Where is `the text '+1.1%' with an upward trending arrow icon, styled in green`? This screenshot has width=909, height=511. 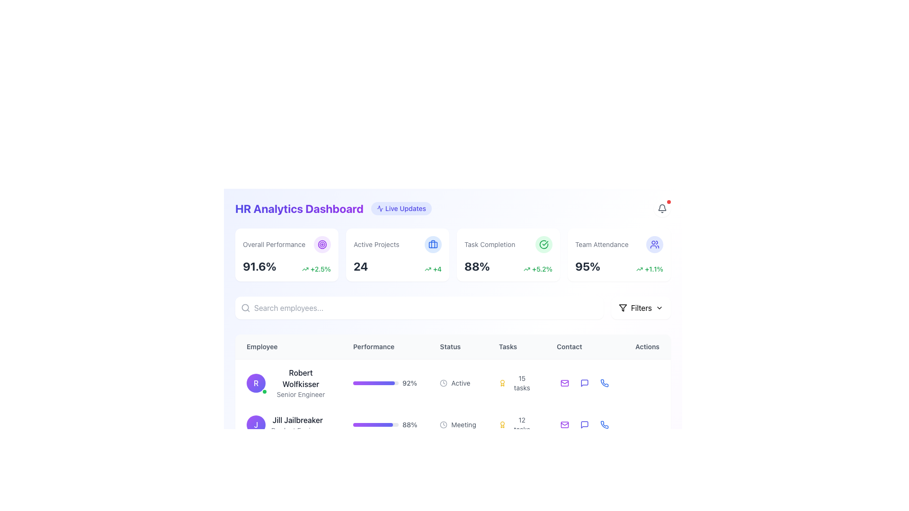 the text '+1.1%' with an upward trending arrow icon, styled in green is located at coordinates (649, 269).